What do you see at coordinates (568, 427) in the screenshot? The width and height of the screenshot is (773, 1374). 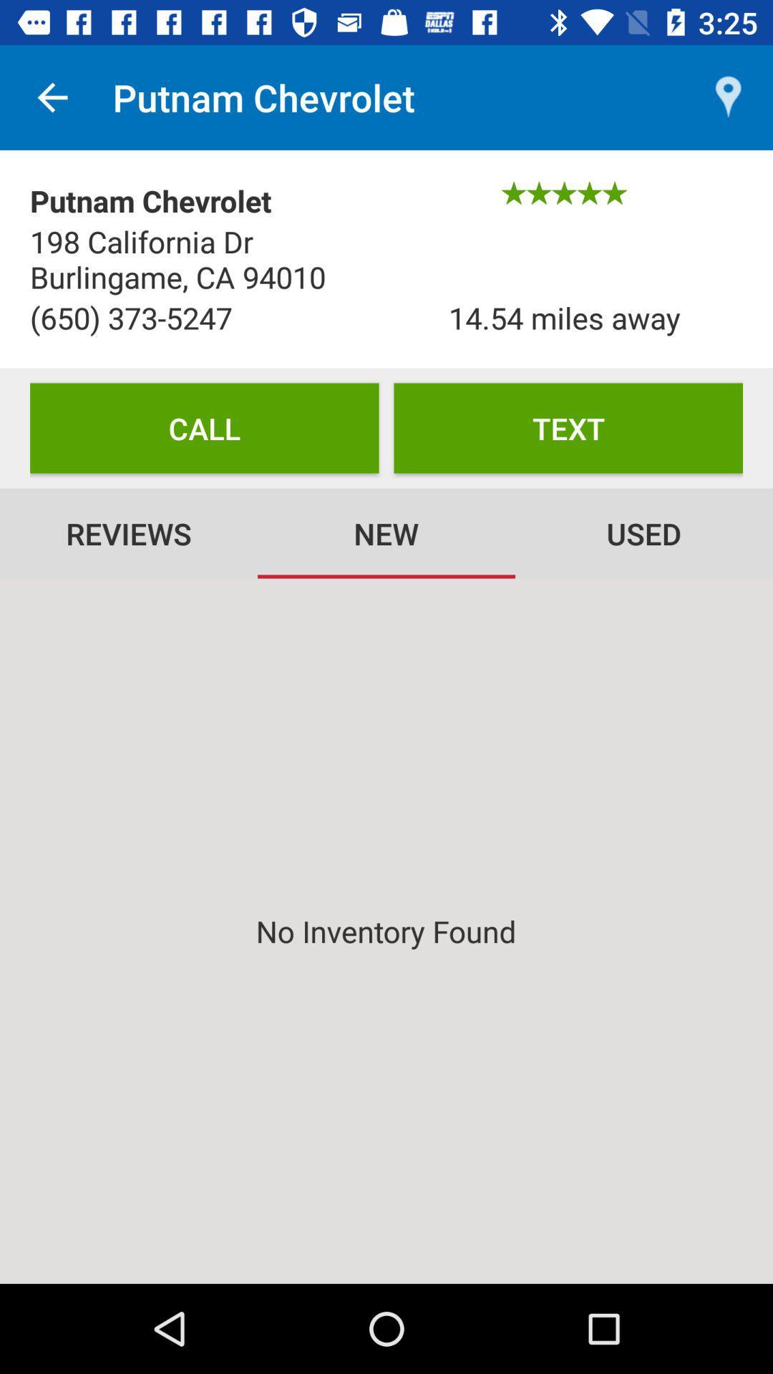 I see `icon next to call icon` at bounding box center [568, 427].